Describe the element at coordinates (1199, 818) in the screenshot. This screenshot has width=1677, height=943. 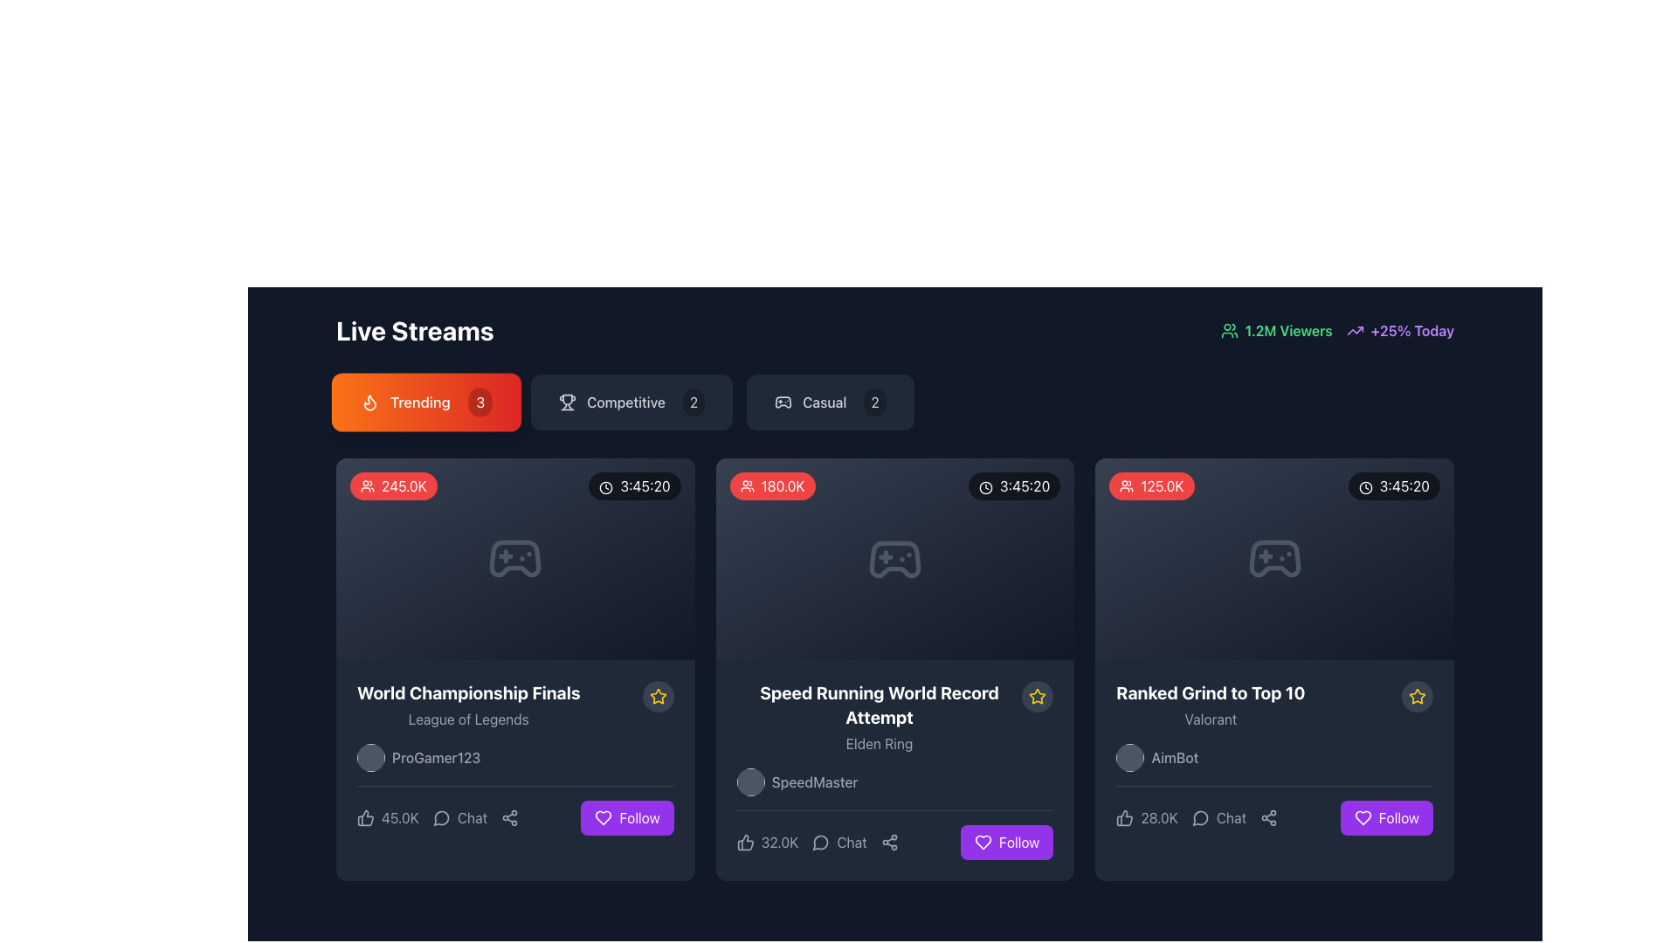
I see `the chat icon located at the bottom of the content card, which visually complements the text 'Chat'` at that location.